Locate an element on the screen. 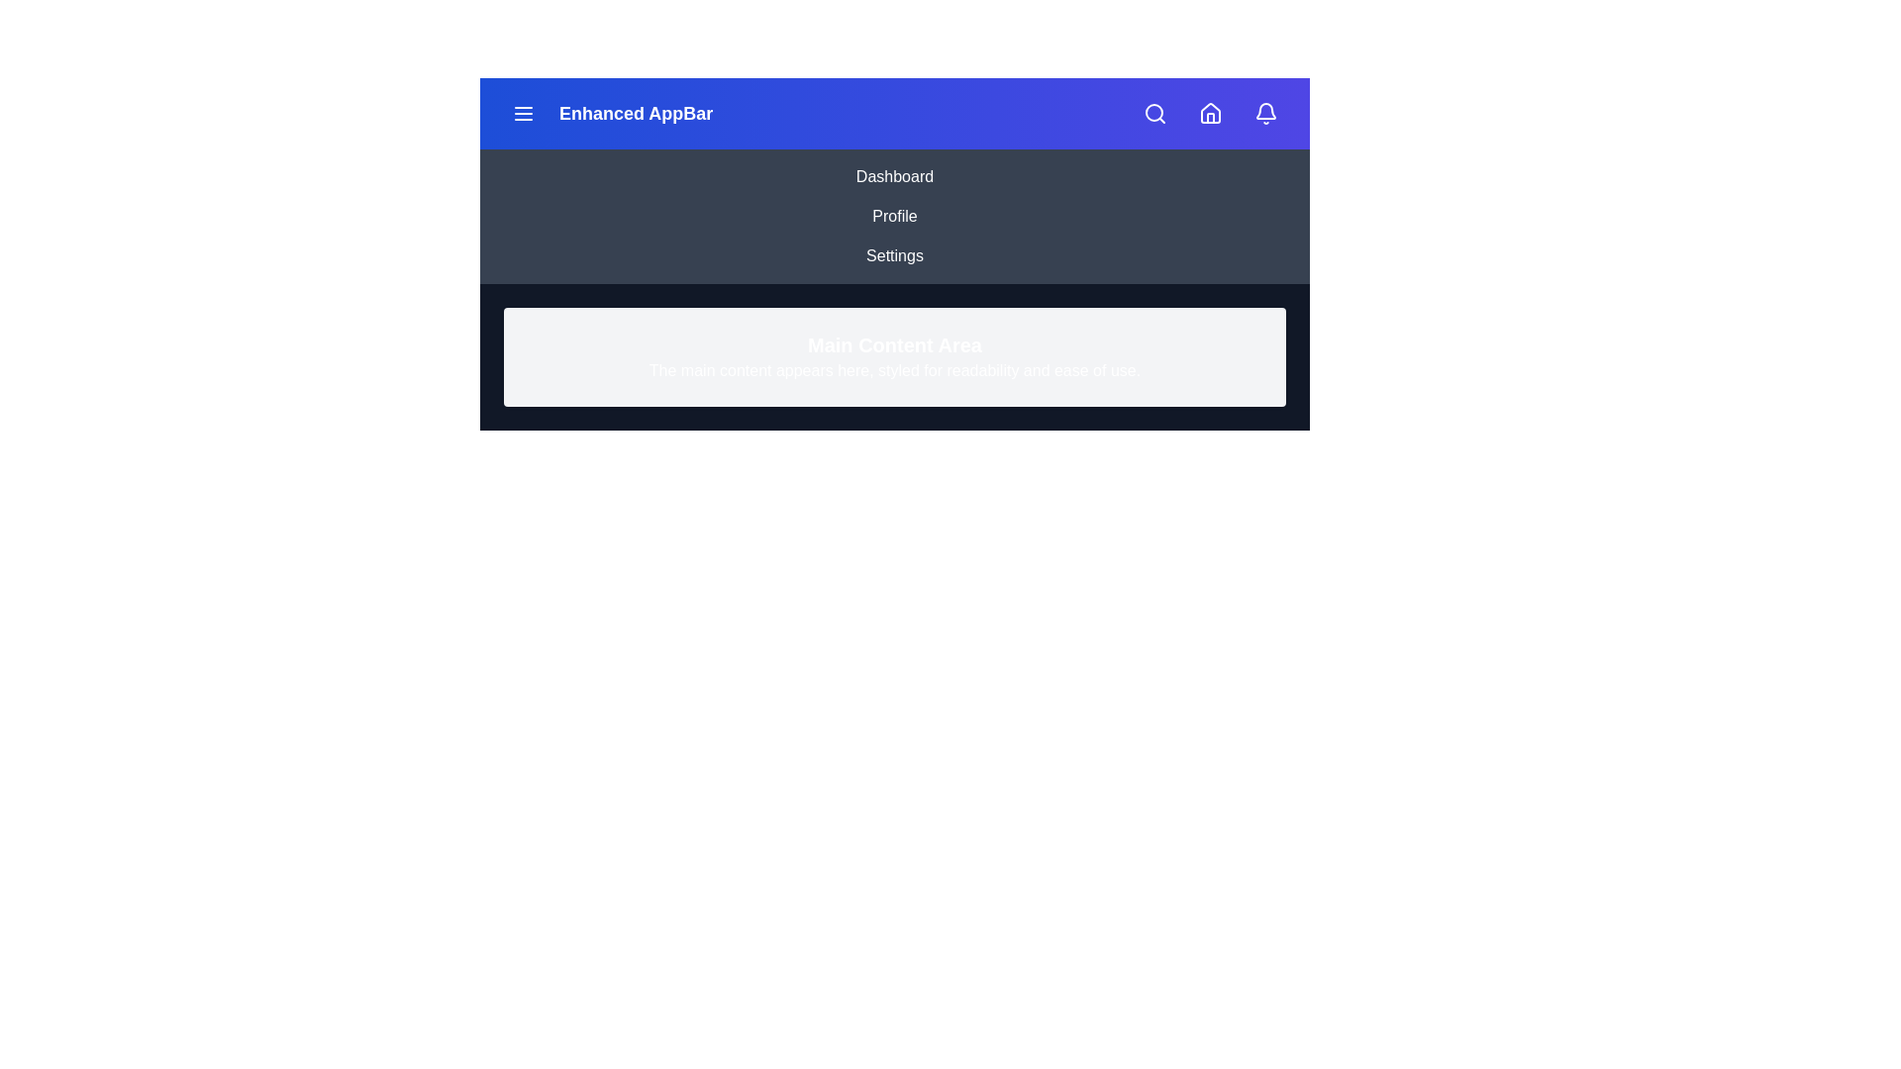 Image resolution: width=1901 pixels, height=1069 pixels. the Profile navigation link to navigate to the corresponding section is located at coordinates (893, 217).